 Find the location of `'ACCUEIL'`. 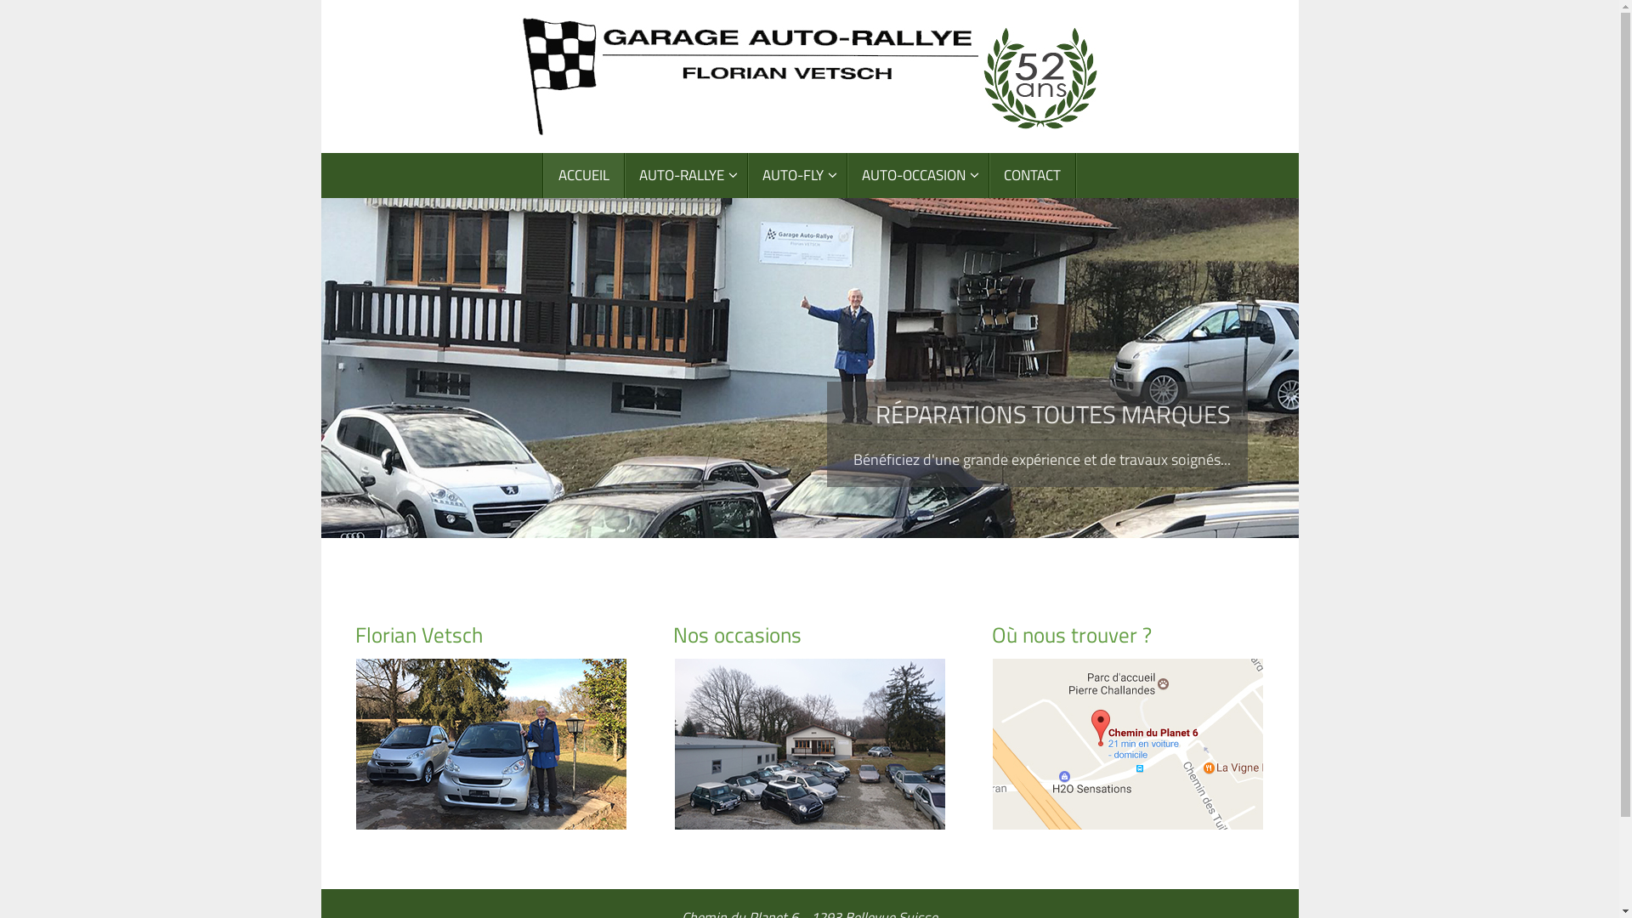

'ACCUEIL' is located at coordinates (584, 175).